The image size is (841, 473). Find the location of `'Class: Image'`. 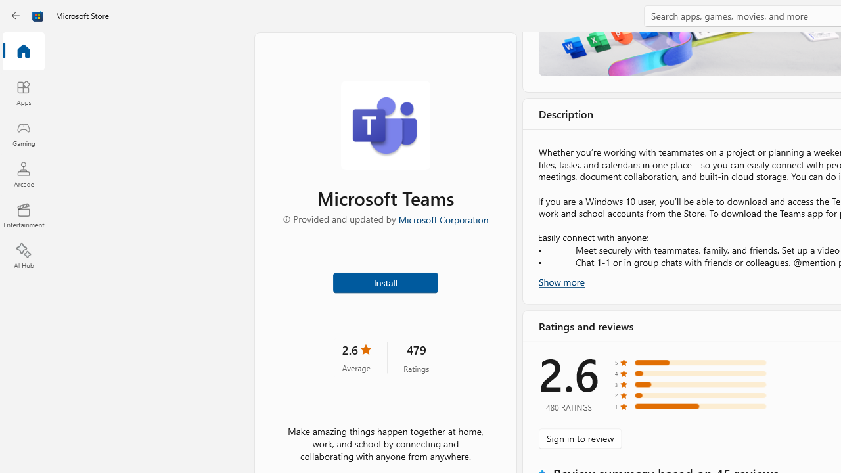

'Class: Image' is located at coordinates (18, 16).